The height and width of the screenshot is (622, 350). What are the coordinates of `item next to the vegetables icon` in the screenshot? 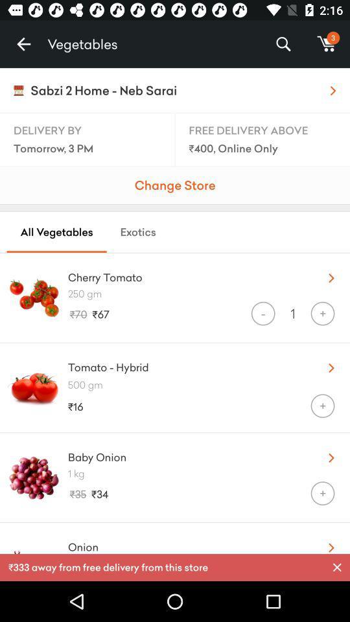 It's located at (23, 44).